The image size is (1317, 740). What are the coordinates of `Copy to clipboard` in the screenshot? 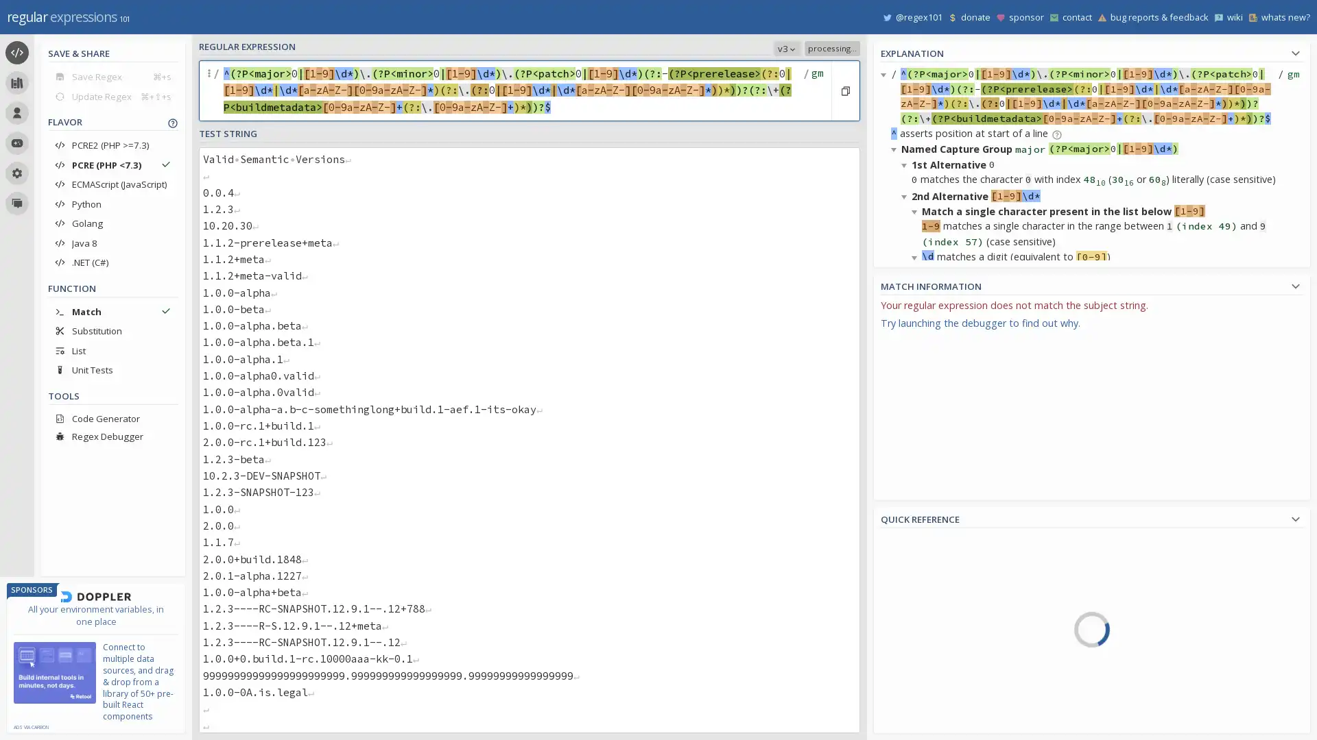 It's located at (844, 90).